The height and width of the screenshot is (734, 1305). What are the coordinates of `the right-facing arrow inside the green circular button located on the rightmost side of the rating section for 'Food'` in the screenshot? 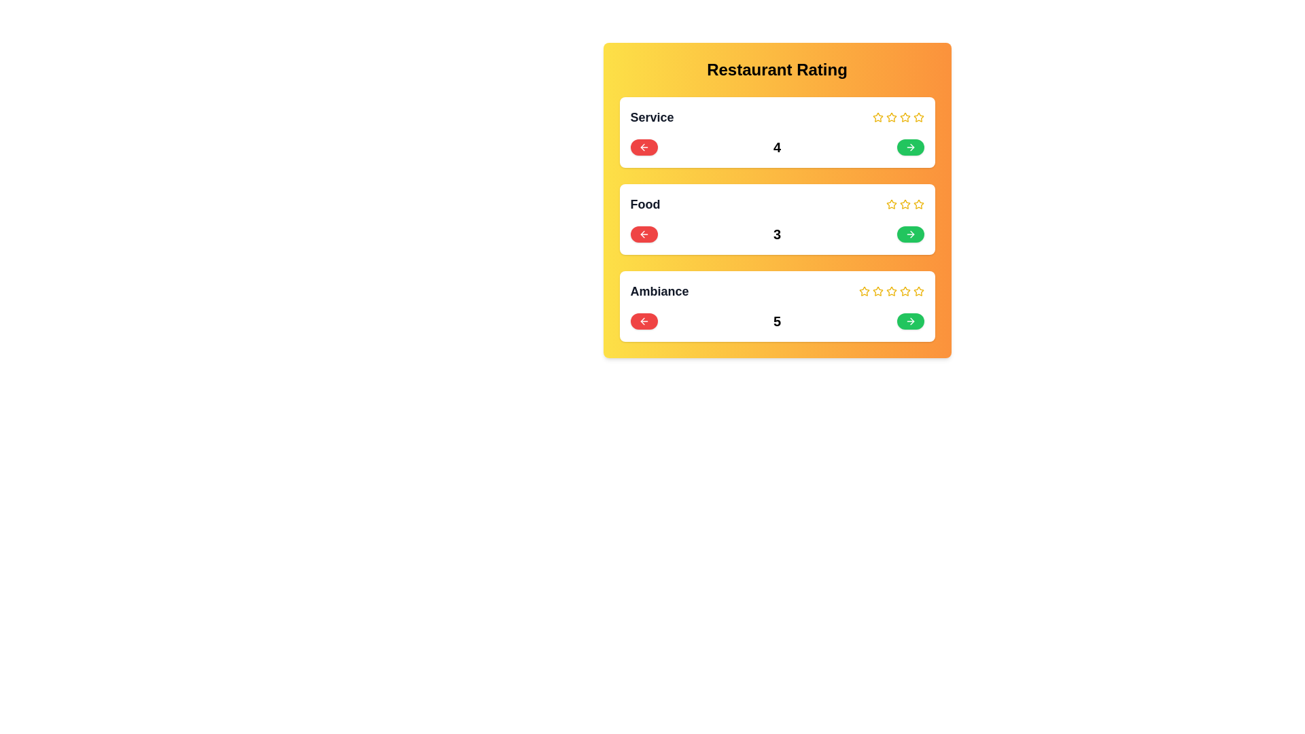 It's located at (910, 233).